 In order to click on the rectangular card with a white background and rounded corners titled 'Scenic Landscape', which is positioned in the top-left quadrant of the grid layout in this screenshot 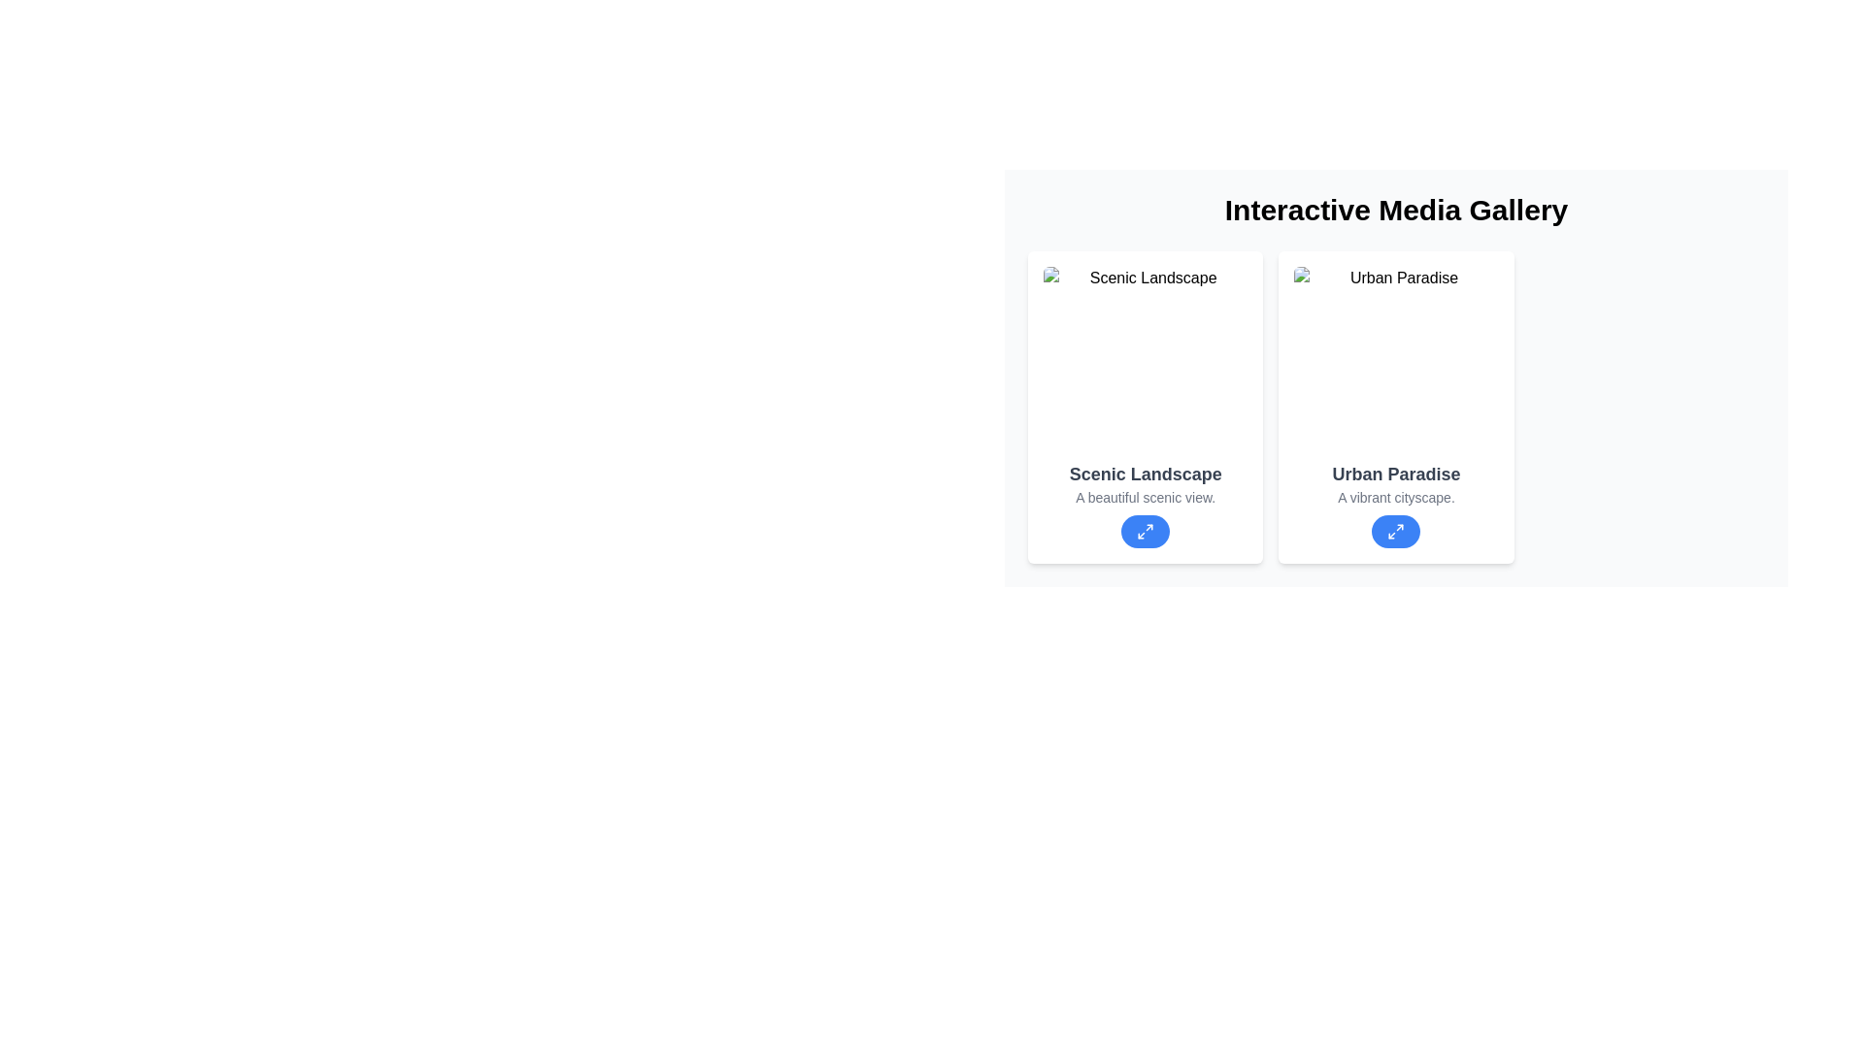, I will do `click(1146, 407)`.